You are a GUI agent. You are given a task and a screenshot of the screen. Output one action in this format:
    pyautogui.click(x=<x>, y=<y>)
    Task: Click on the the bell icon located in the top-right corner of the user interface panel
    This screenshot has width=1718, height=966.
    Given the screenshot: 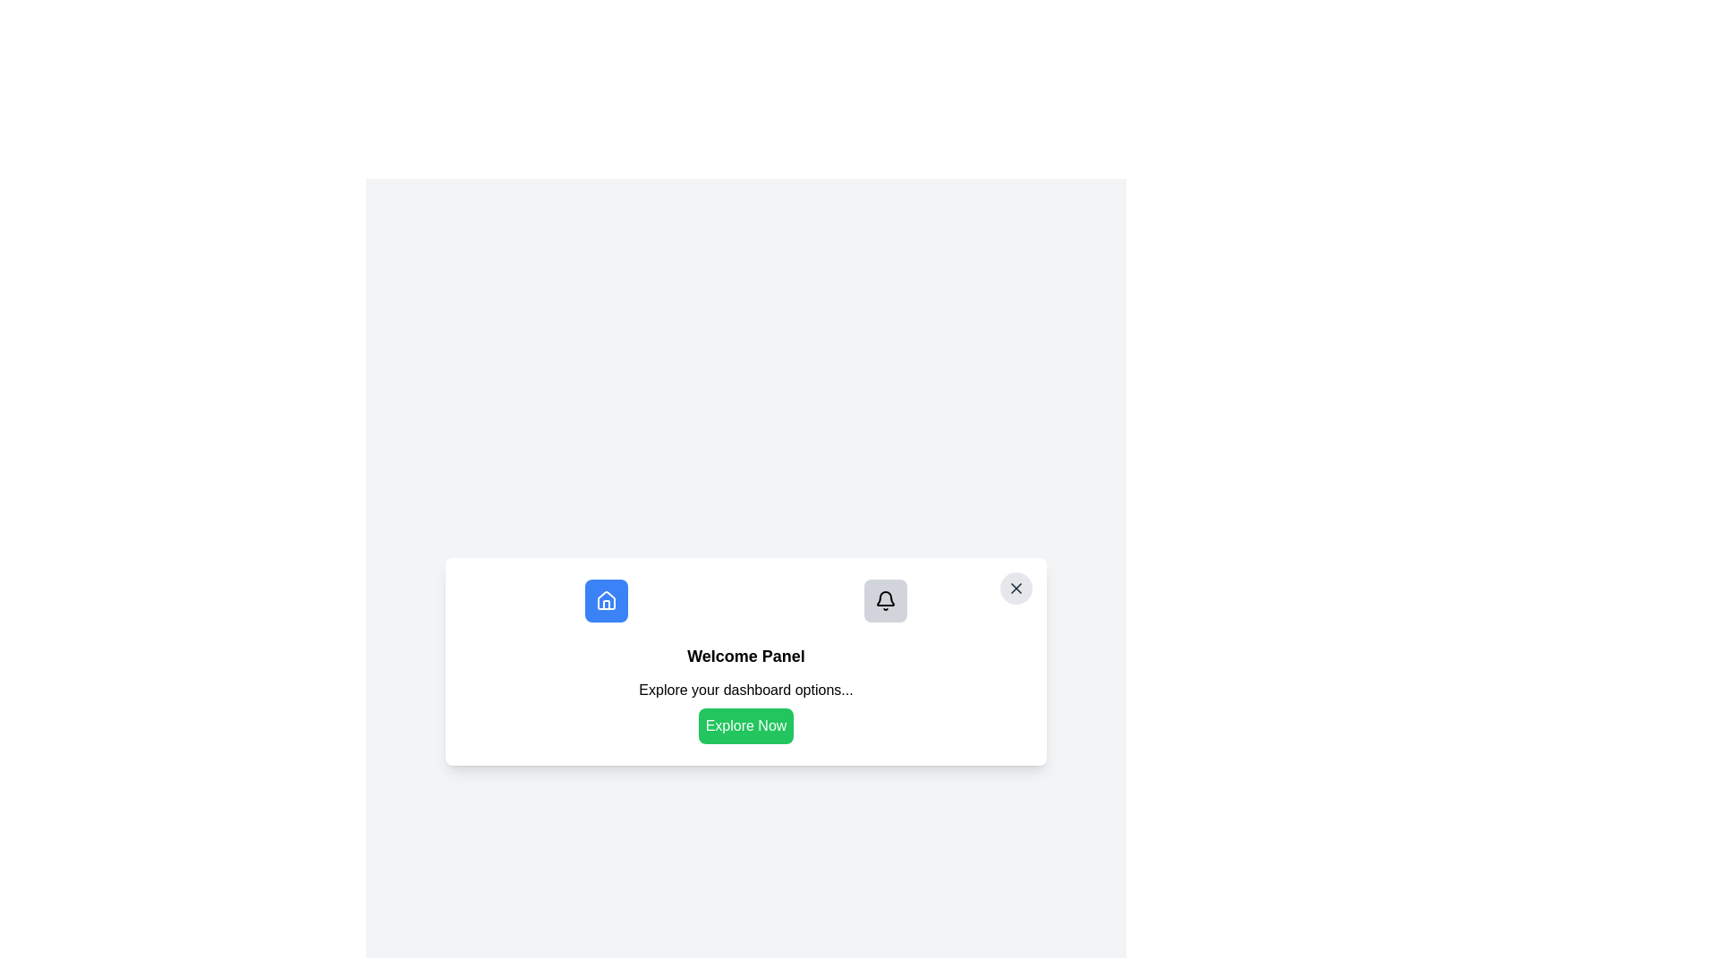 What is the action you would take?
    pyautogui.click(x=885, y=598)
    